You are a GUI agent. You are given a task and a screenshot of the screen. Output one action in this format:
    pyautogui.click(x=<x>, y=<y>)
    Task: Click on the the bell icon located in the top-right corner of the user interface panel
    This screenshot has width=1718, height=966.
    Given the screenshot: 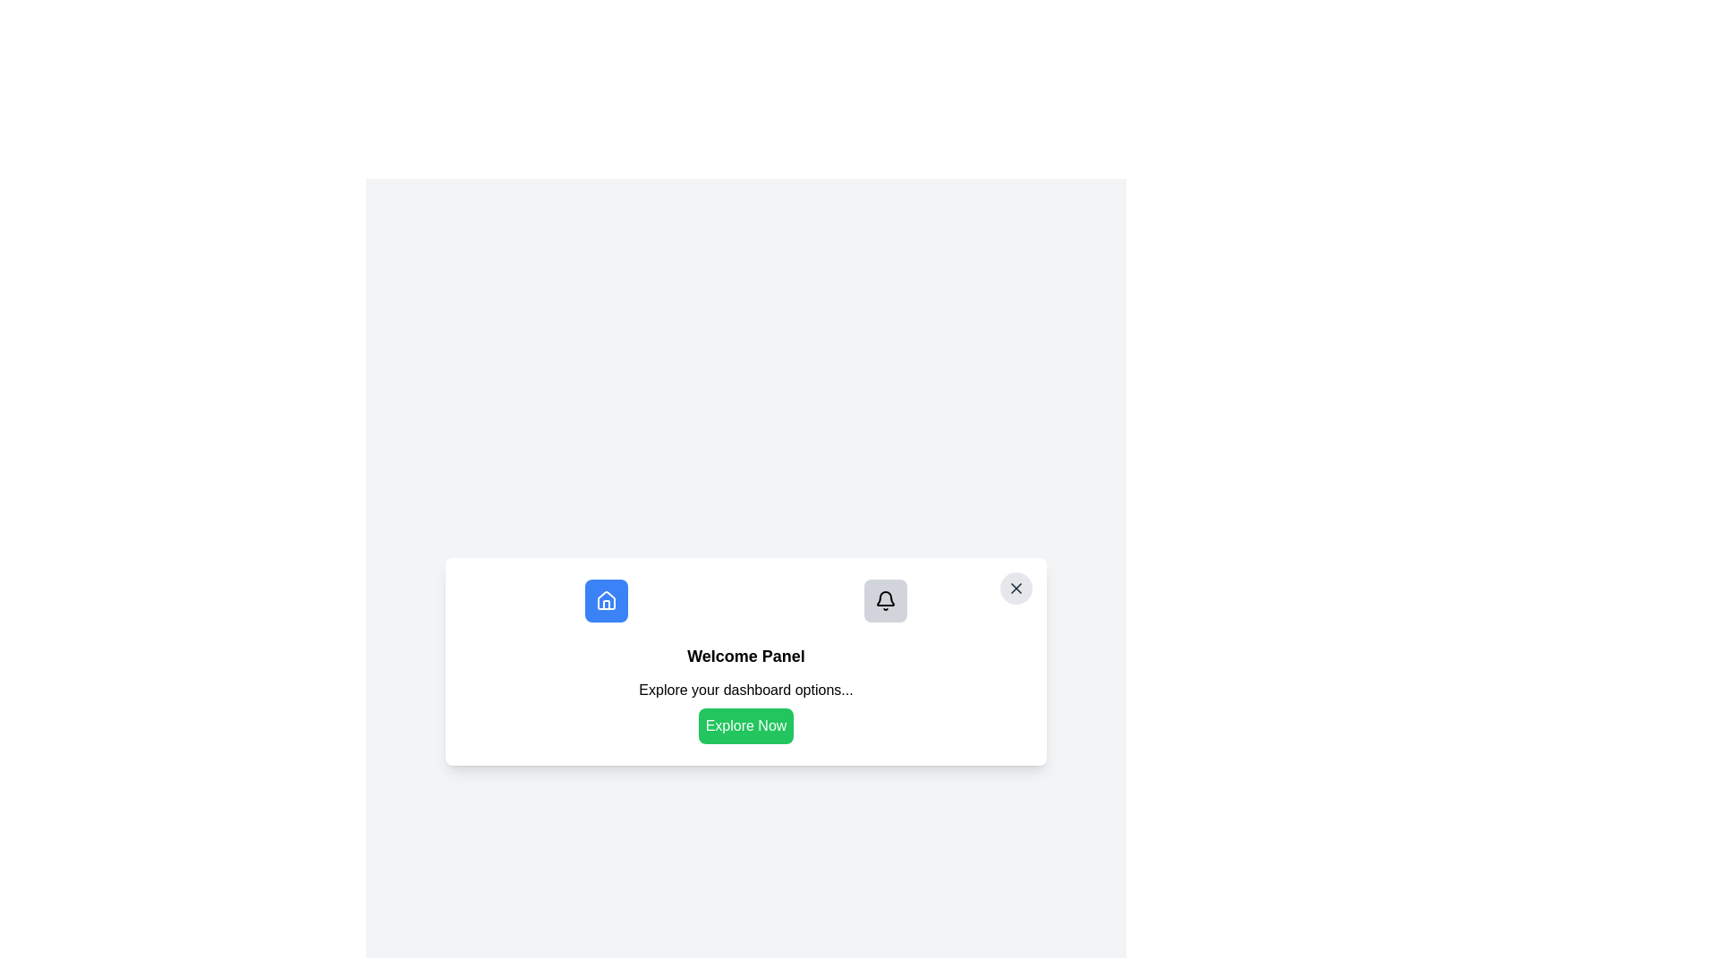 What is the action you would take?
    pyautogui.click(x=885, y=598)
    